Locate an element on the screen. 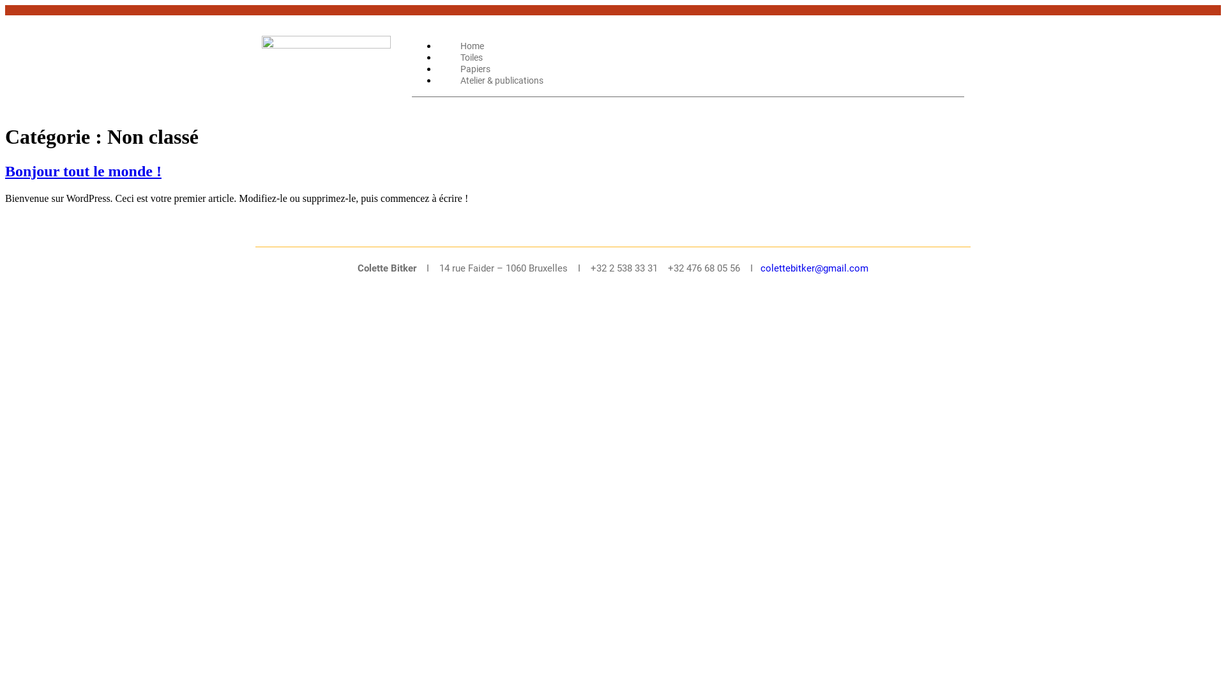 The height and width of the screenshot is (690, 1226). 'Home' is located at coordinates (471, 45).